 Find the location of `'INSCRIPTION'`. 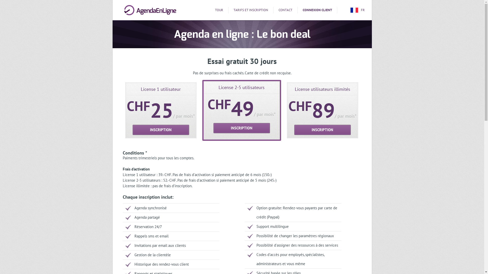

'INSCRIPTION' is located at coordinates (213, 128).